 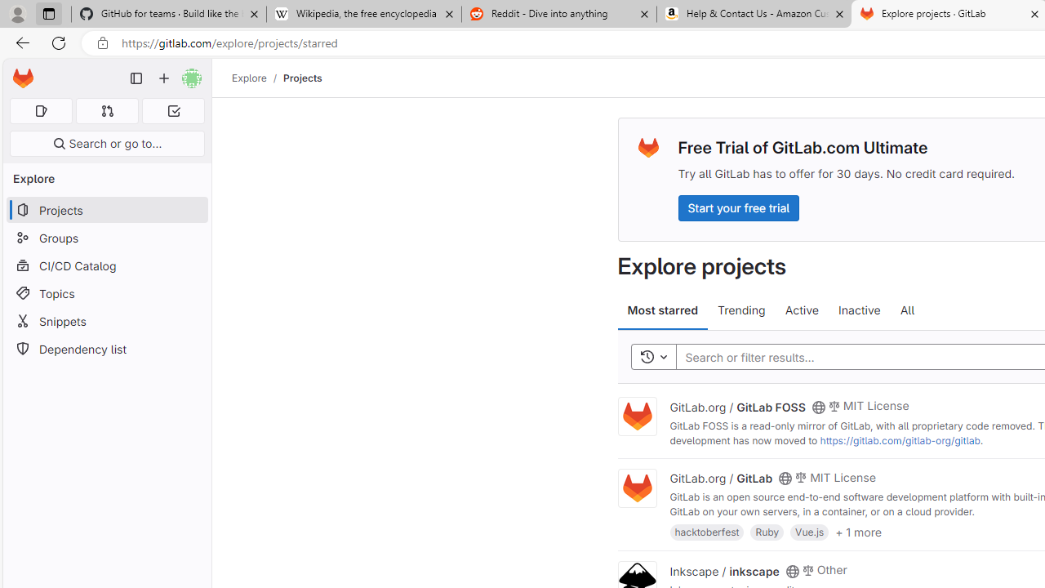 I want to click on 'Snippets', so click(x=106, y=321).